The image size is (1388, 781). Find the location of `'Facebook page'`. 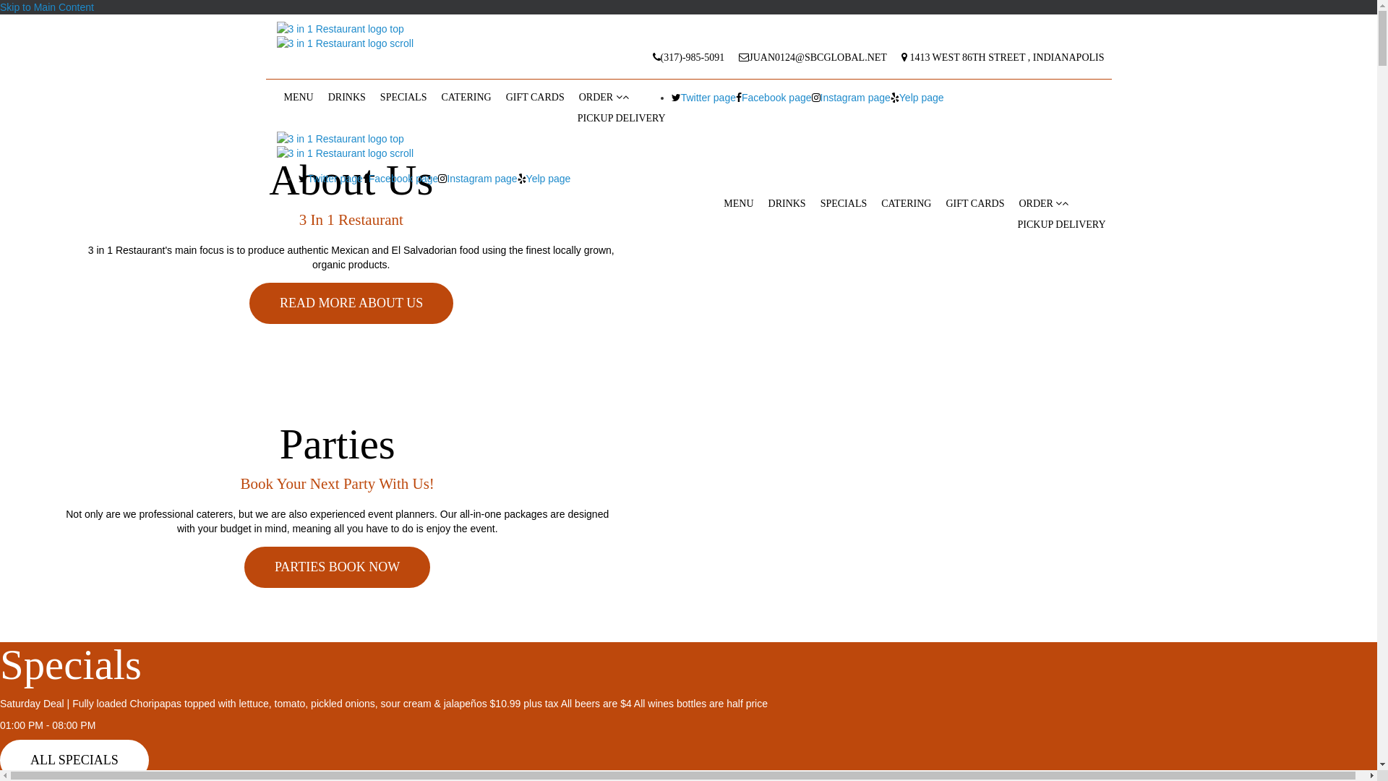

'Facebook page' is located at coordinates (735, 98).